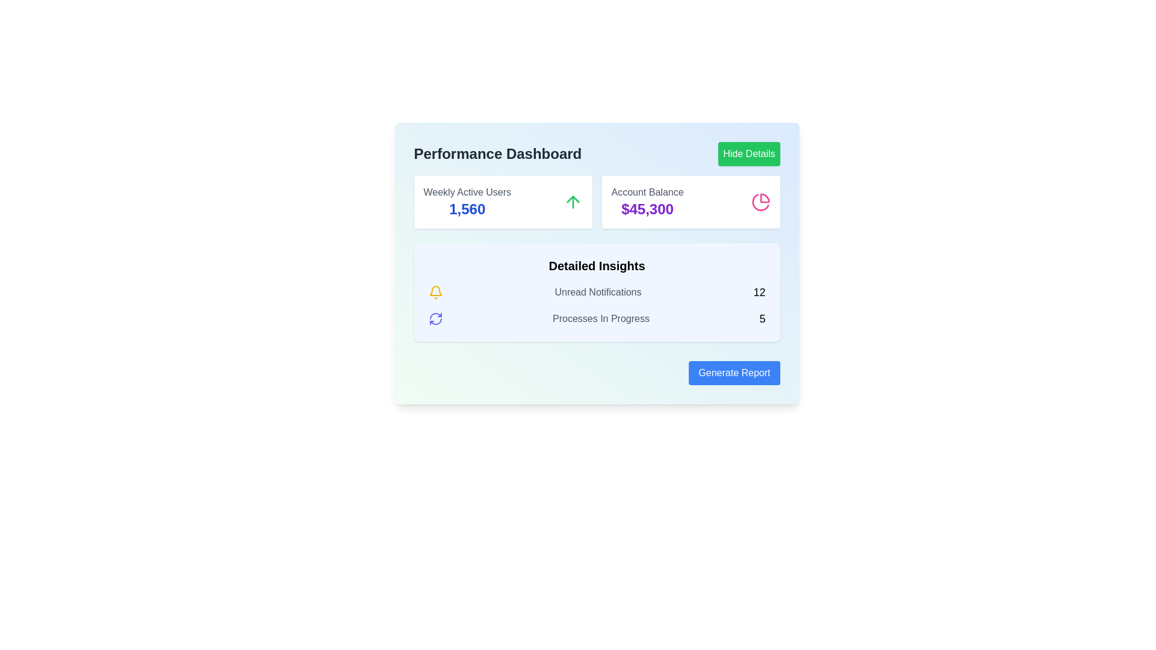 The width and height of the screenshot is (1156, 650). I want to click on account balance displayed in the text element located below the 'Account Balance' label at the top center of the interface, so click(647, 208).